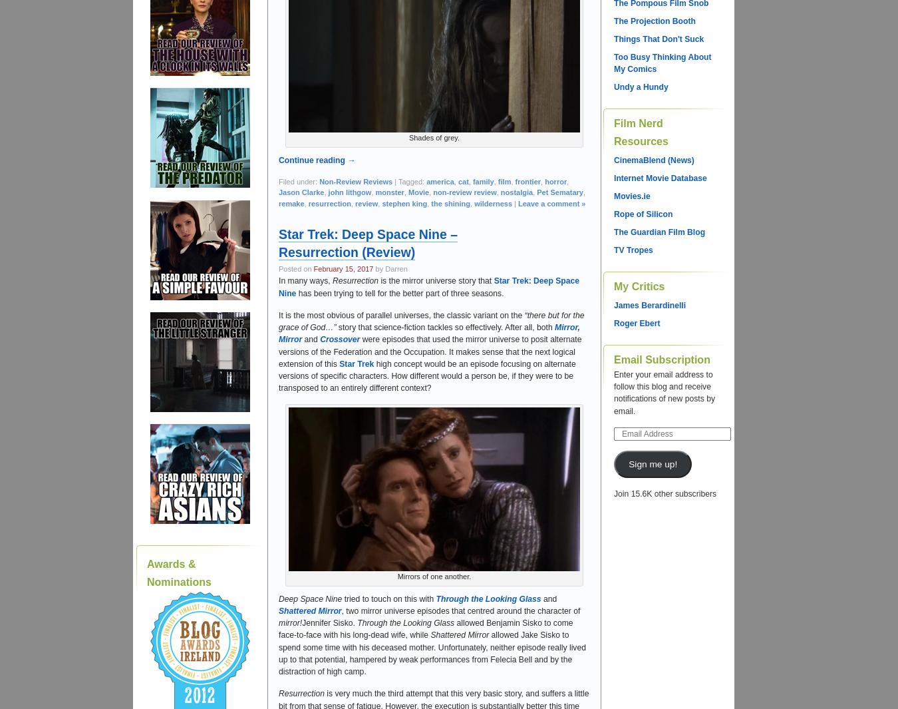 This screenshot has width=898, height=709. Describe the element at coordinates (631, 196) in the screenshot. I see `'Movies.ie'` at that location.